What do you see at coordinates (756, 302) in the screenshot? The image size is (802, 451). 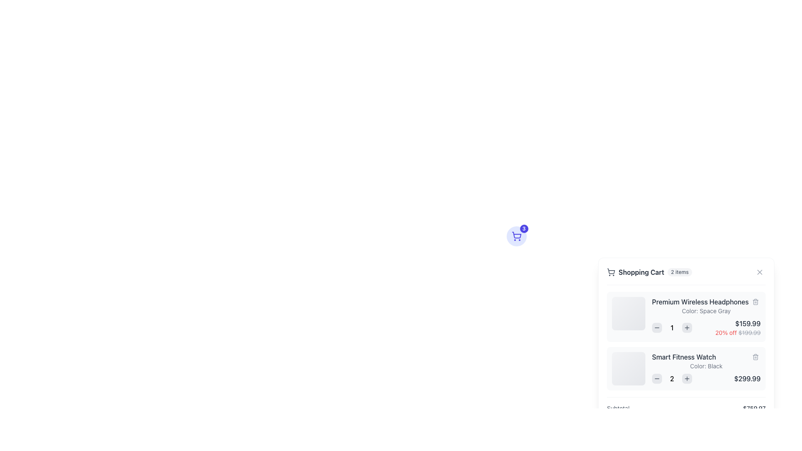 I see `the delete button located to the right of the 'Premium Wireless Headphones' title in the shopping cart interface` at bounding box center [756, 302].